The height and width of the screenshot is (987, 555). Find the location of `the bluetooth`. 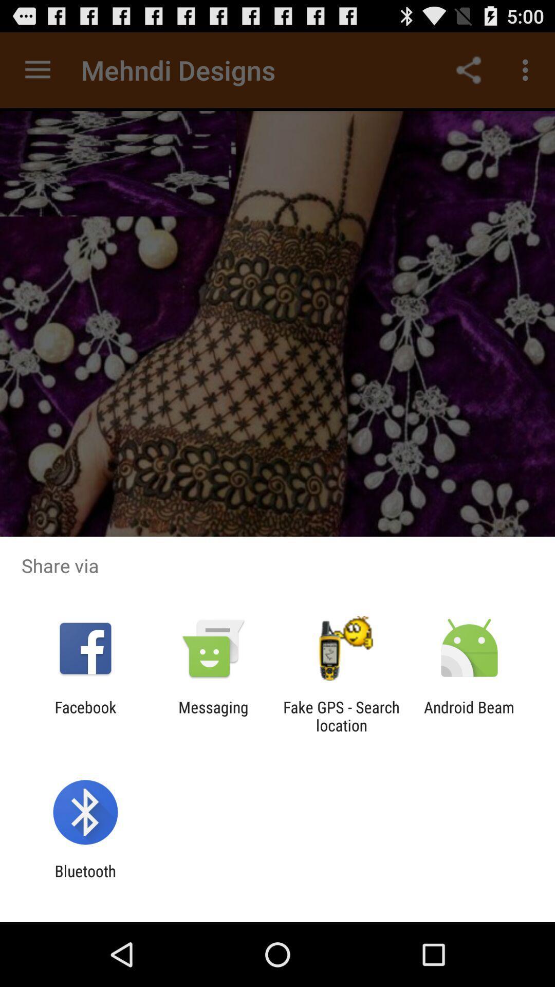

the bluetooth is located at coordinates (85, 880).